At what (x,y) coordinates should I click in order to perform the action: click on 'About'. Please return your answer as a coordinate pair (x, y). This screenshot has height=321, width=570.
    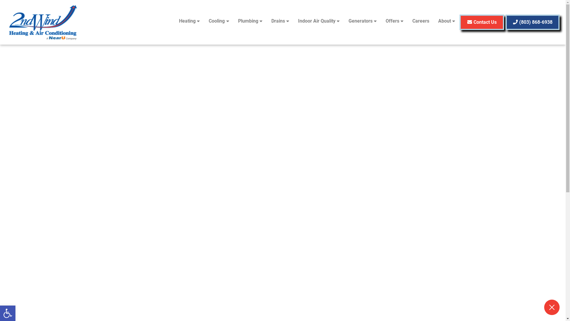
    Looking at the image, I should click on (446, 21).